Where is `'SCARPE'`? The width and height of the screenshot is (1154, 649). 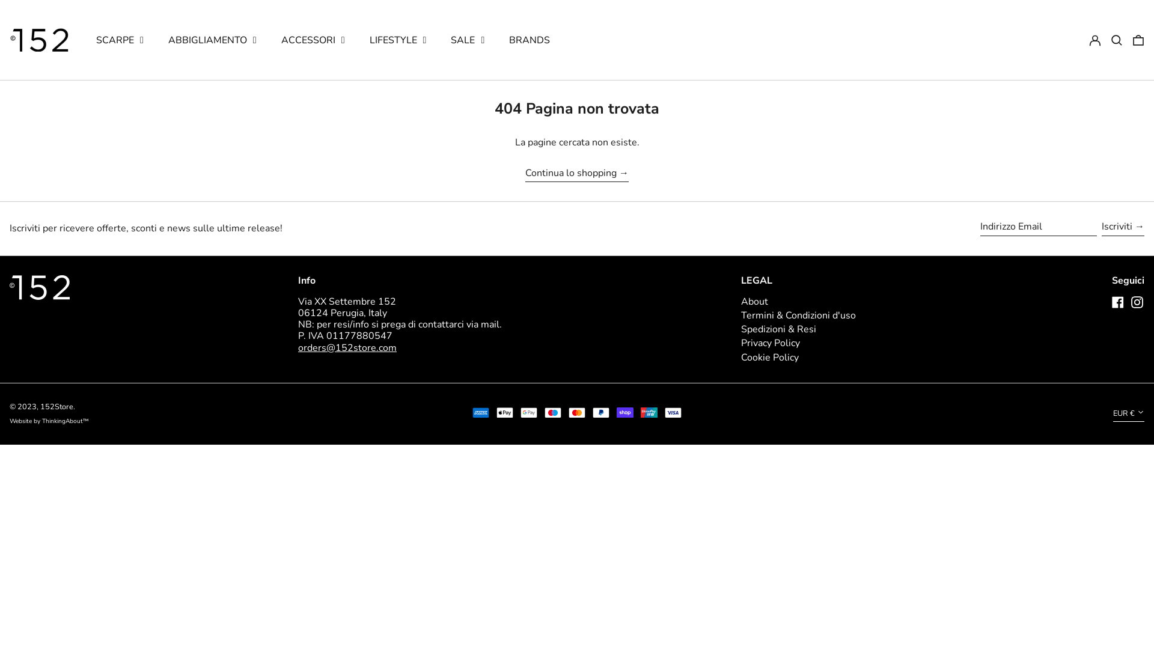
'SCARPE' is located at coordinates (120, 39).